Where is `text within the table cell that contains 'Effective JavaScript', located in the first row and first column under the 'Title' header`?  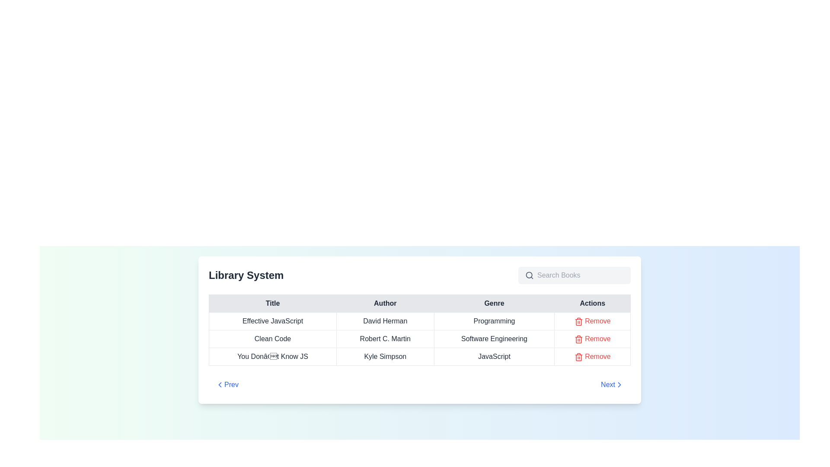 text within the table cell that contains 'Effective JavaScript', located in the first row and first column under the 'Title' header is located at coordinates (272, 321).